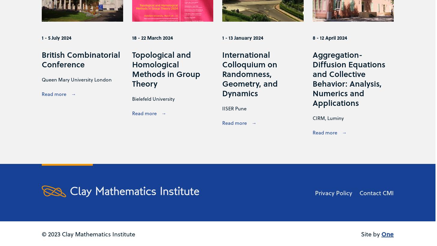 The height and width of the screenshot is (246, 437). I want to click on 'Contact CMI', so click(376, 192).